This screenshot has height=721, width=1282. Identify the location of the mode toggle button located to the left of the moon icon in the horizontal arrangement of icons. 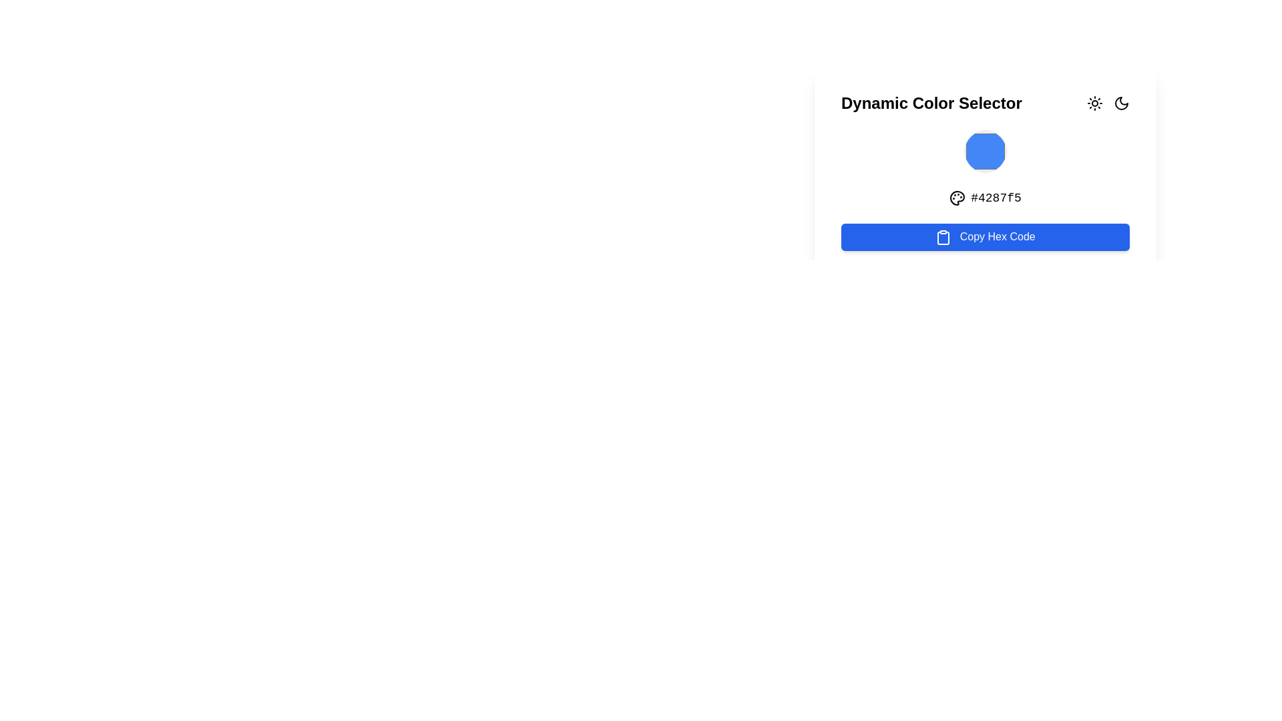
(1095, 102).